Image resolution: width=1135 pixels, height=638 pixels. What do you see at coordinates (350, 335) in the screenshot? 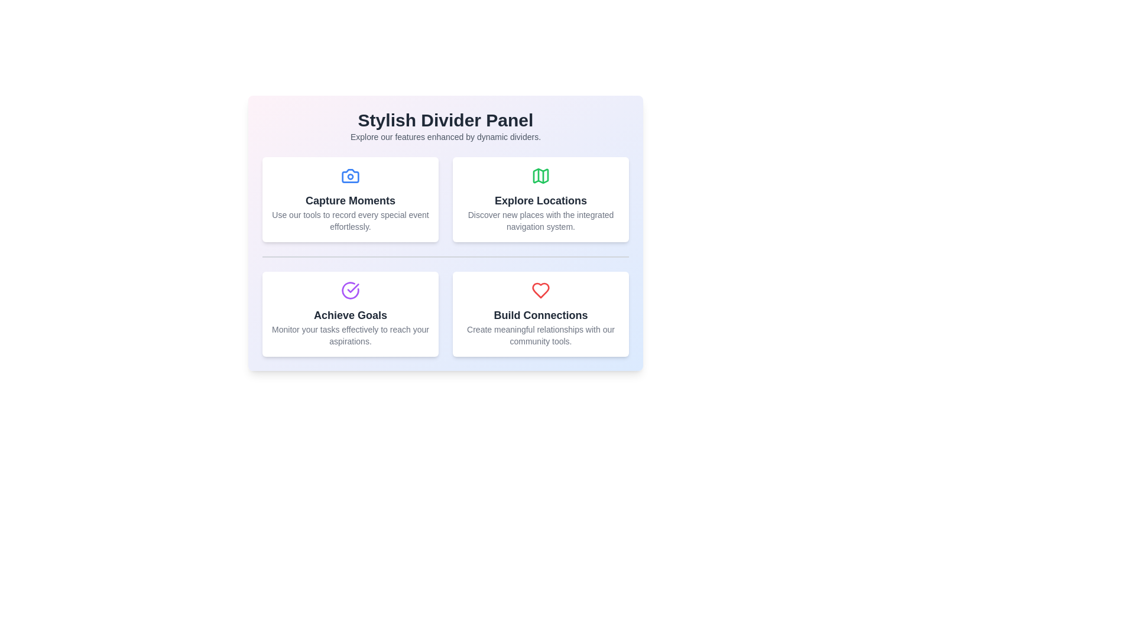
I see `the text label that says 'Monitor your tasks effectively to reach your aspirations.', which is styled in small gray font and located below 'Achieve Goals' within a white card` at bounding box center [350, 335].